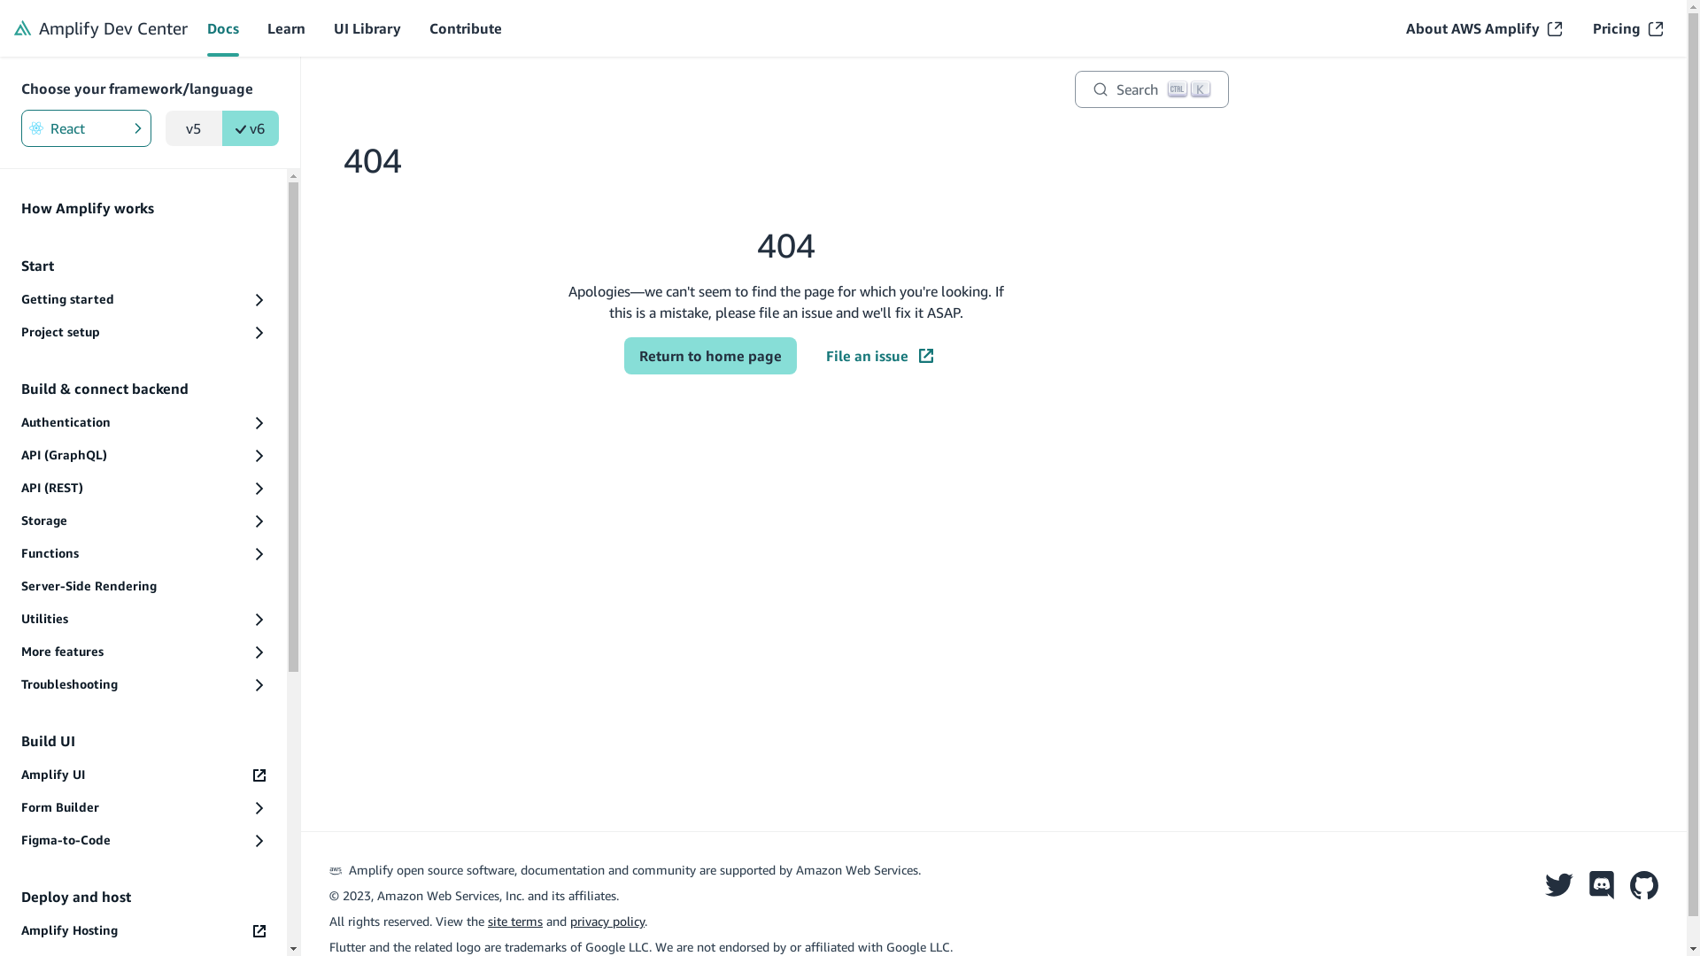  What do you see at coordinates (85, 127) in the screenshot?
I see `'React'` at bounding box center [85, 127].